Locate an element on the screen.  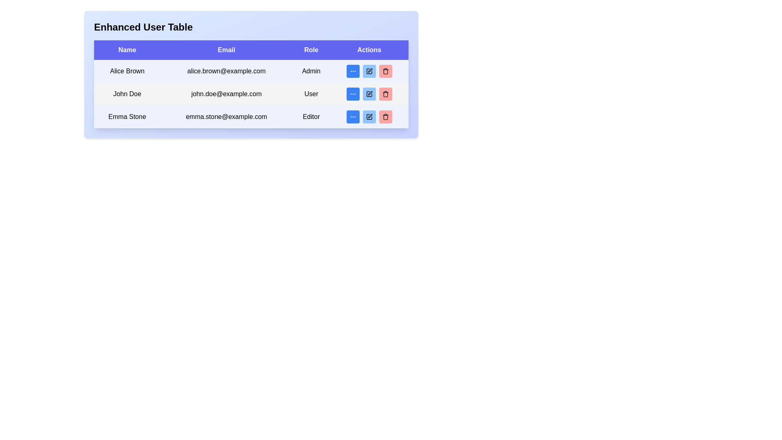
the text label displaying 'Admin' in bold within the 'Role' column of the table for user Alice Brown is located at coordinates (311, 70).